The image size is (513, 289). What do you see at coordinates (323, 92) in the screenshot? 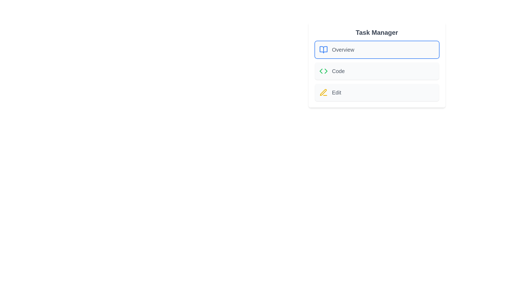
I see `the pen icon located to the left of the 'Edit' text label in the 'Task Manager' interface to interact with the 'Edit' option` at bounding box center [323, 92].